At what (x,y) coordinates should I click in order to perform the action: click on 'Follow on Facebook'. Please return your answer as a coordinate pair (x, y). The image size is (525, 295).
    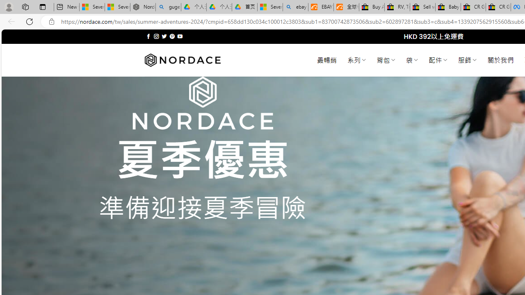
    Looking at the image, I should click on (148, 36).